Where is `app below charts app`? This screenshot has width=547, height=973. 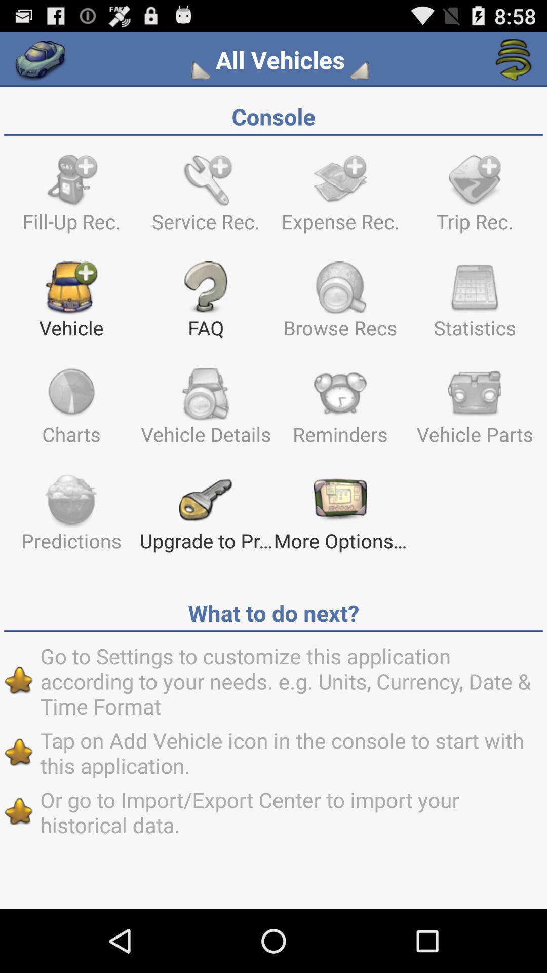
app below charts app is located at coordinates (71, 517).